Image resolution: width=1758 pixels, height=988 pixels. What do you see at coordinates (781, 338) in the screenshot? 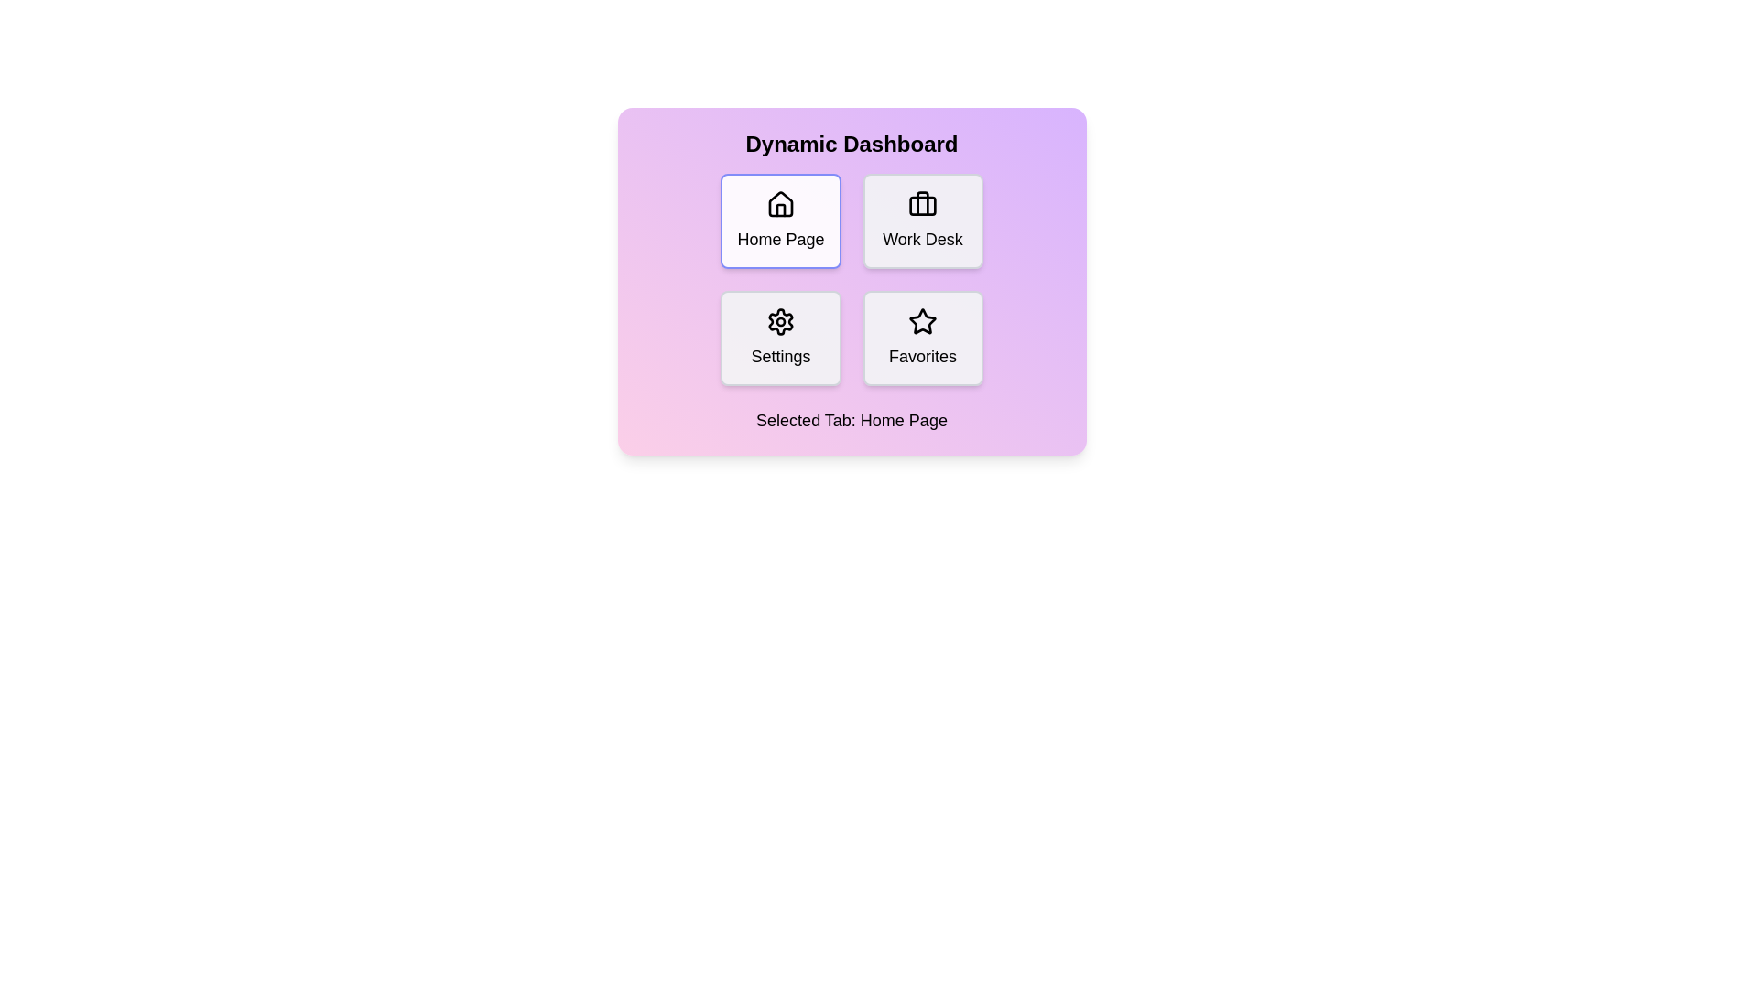
I see `the button labeled Settings to observe the hover effect` at bounding box center [781, 338].